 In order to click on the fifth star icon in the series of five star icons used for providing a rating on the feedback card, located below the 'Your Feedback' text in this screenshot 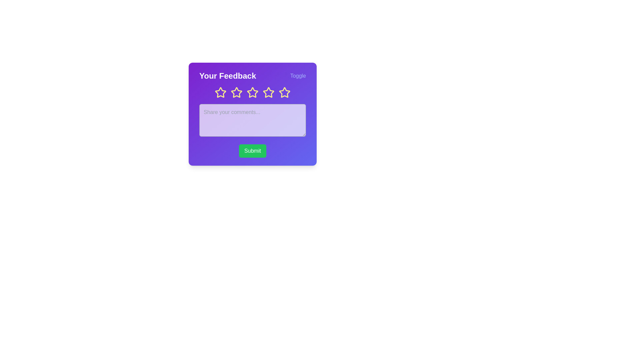, I will do `click(285, 92)`.